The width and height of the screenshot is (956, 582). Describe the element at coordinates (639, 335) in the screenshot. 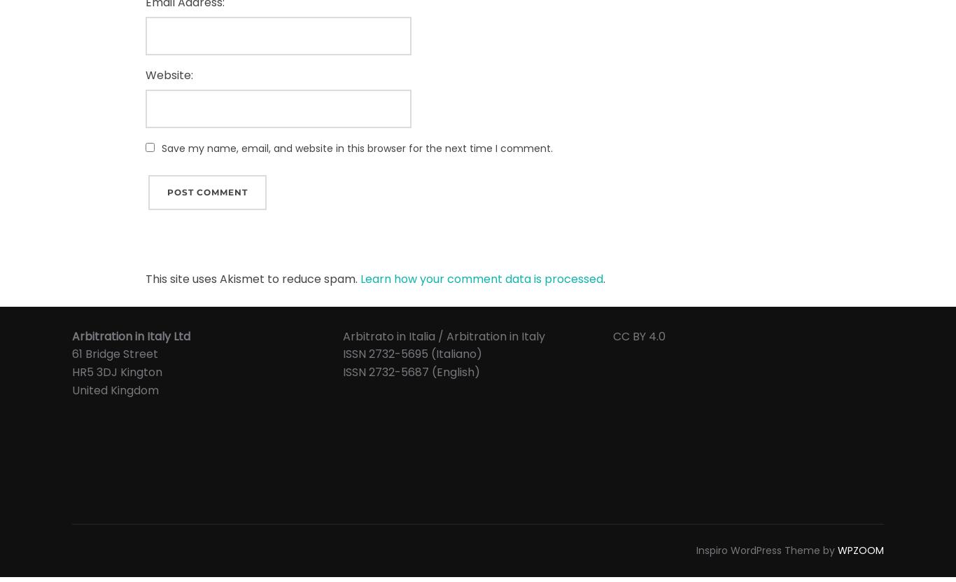

I see `'CC BY 4.0'` at that location.